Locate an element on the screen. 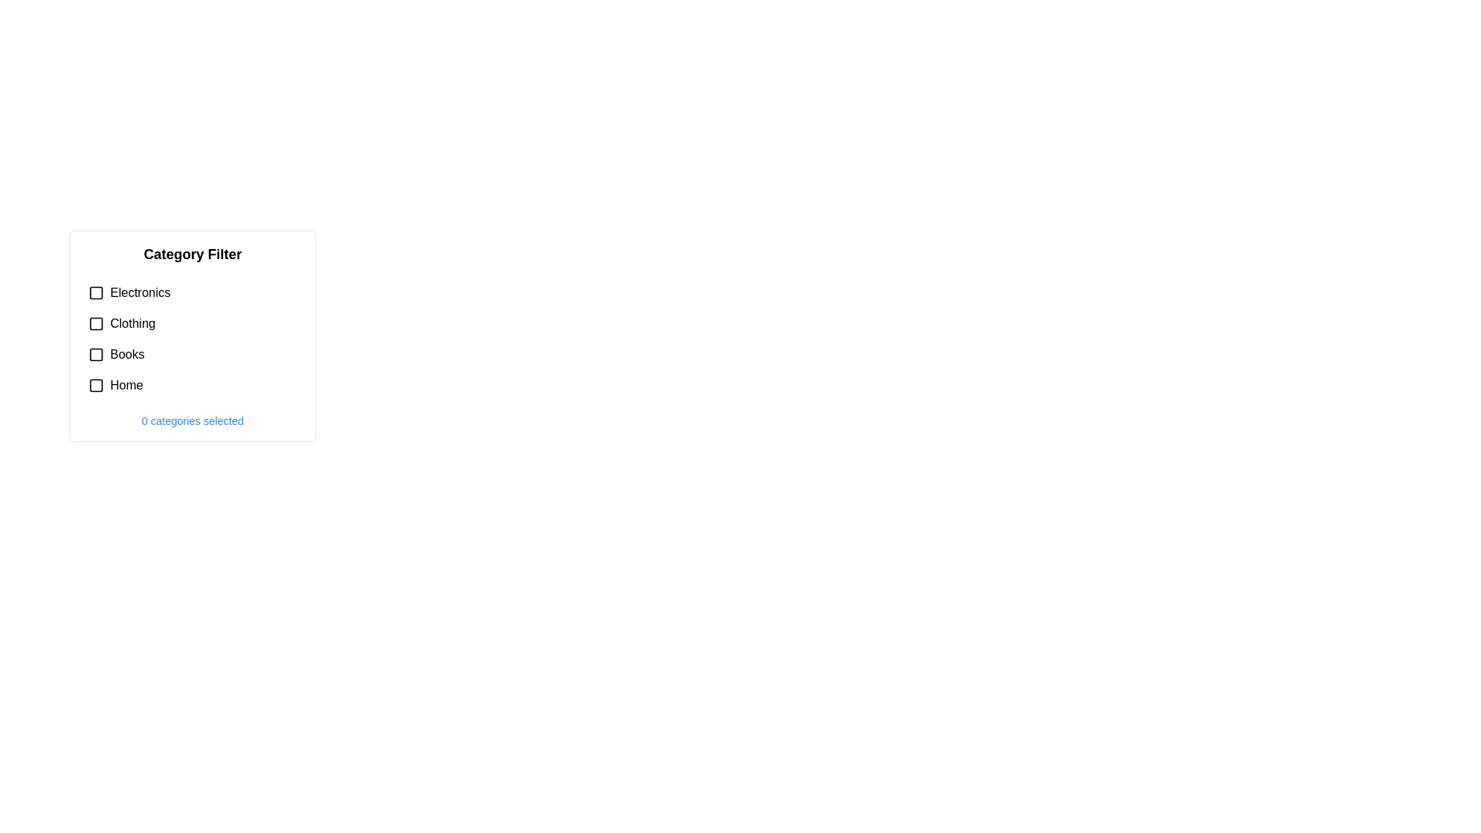 The image size is (1481, 833). the unselected checkbox icon is located at coordinates (95, 293).